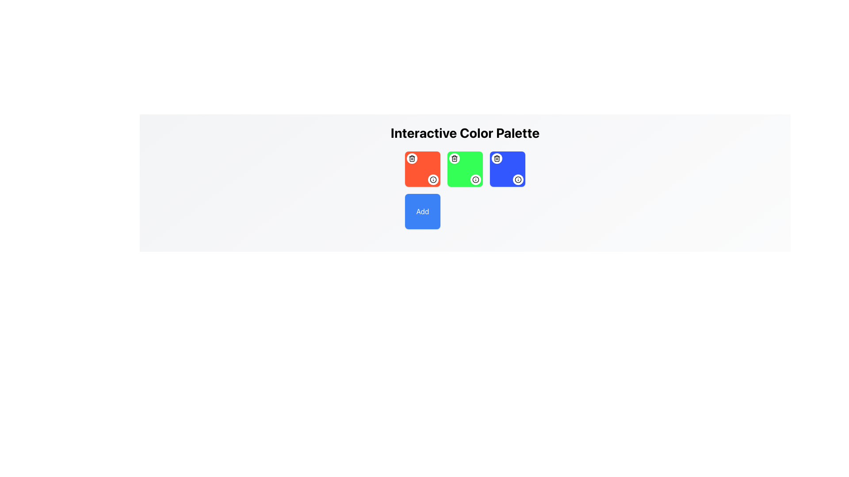 This screenshot has height=477, width=849. Describe the element at coordinates (433, 179) in the screenshot. I see `the outermost circle graphic element in the icon` at that location.